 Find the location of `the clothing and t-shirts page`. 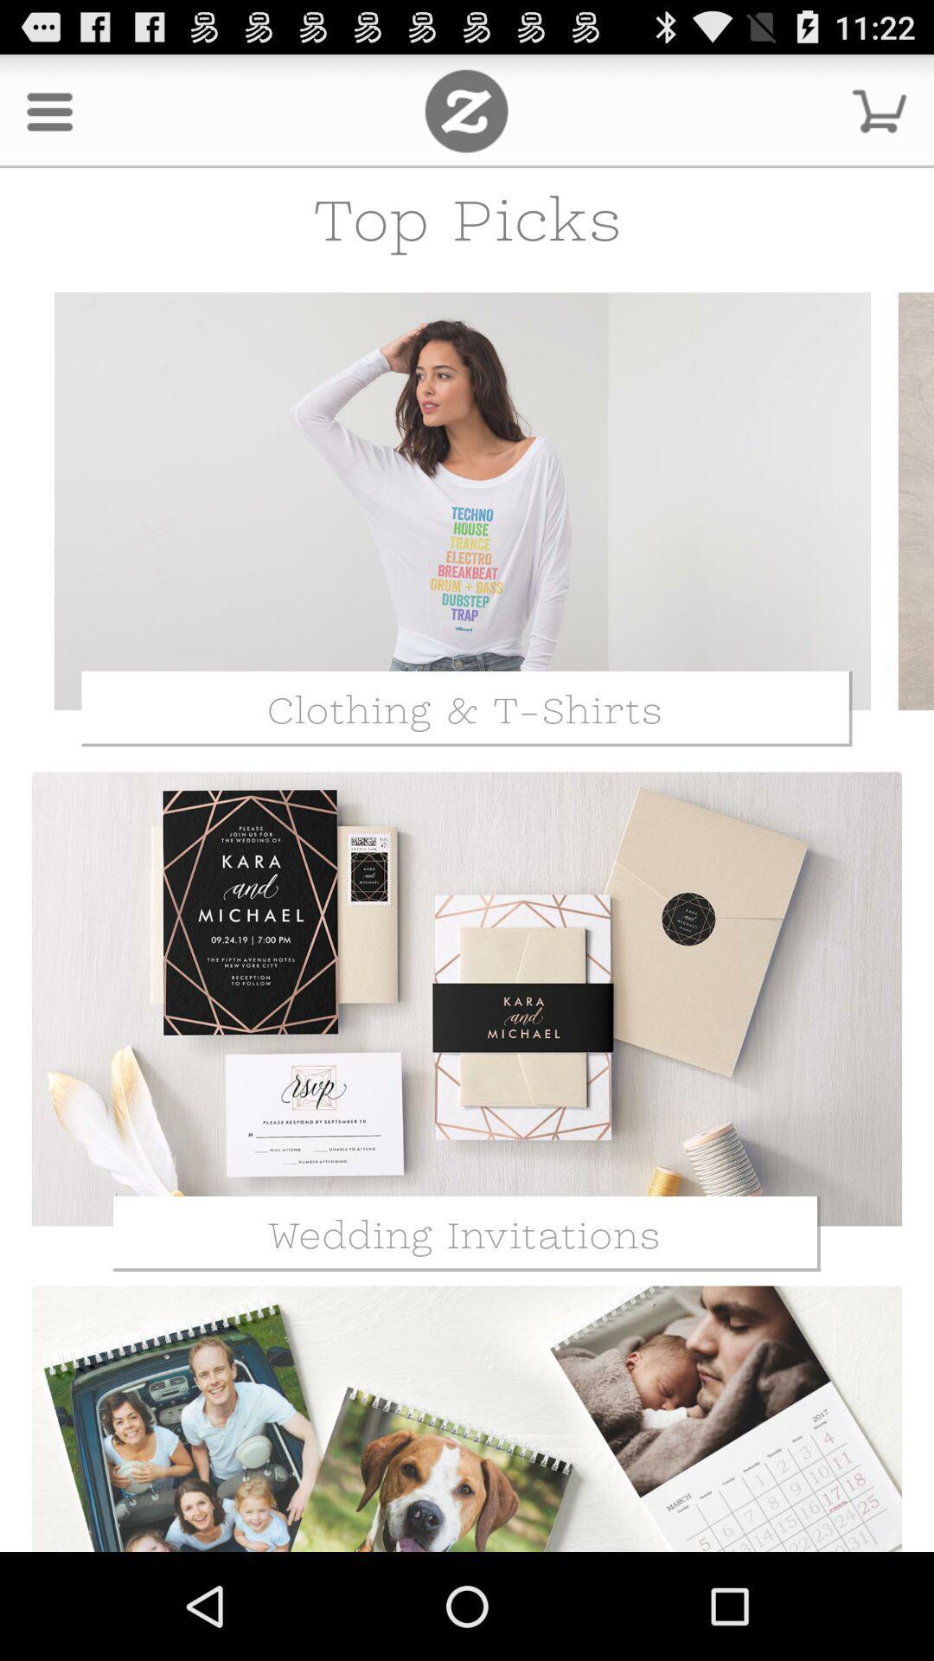

the clothing and t-shirts page is located at coordinates (462, 500).